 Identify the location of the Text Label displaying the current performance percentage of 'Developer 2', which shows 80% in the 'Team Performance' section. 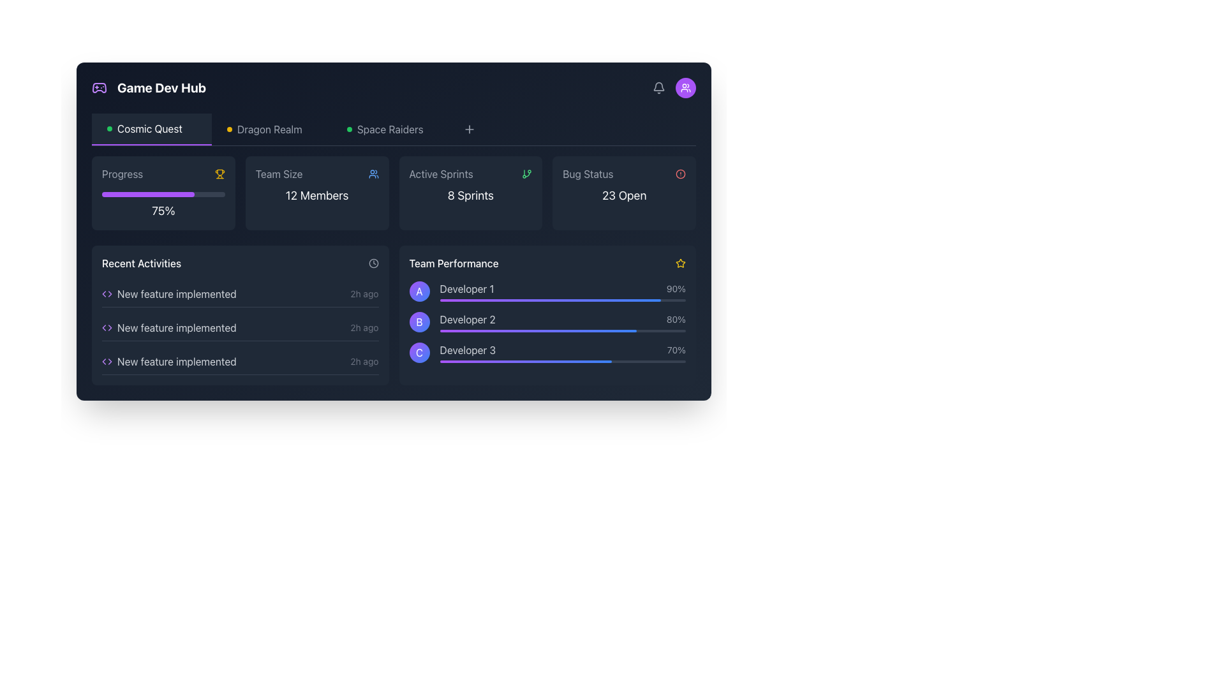
(675, 319).